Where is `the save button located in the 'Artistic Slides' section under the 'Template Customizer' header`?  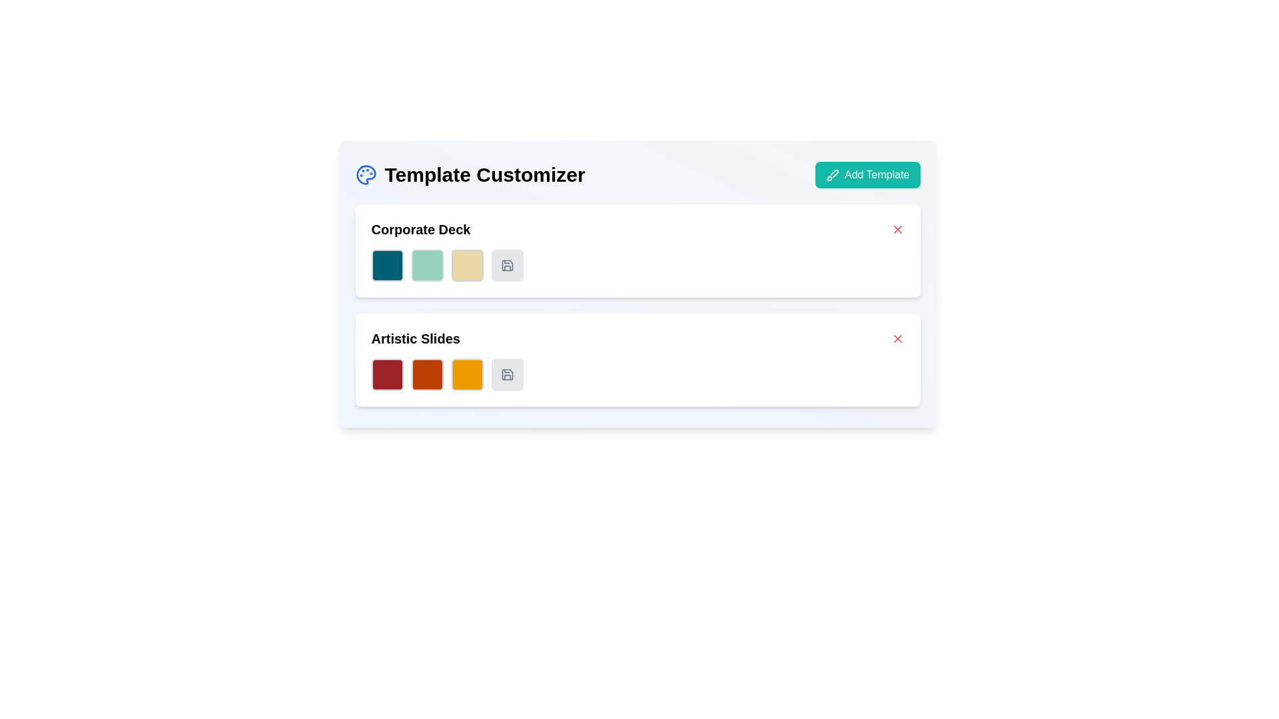
the save button located in the 'Artistic Slides' section under the 'Template Customizer' header is located at coordinates (506, 375).